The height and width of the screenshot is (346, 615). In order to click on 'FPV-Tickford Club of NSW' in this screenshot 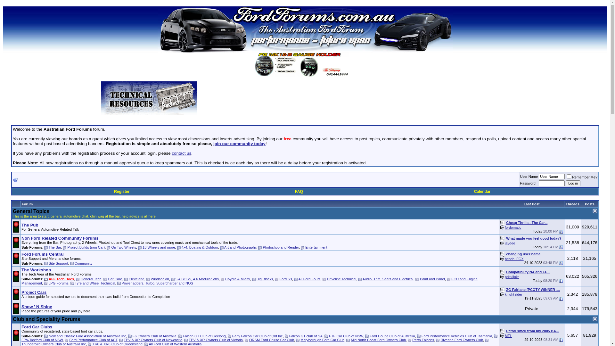, I will do `click(42, 339)`.